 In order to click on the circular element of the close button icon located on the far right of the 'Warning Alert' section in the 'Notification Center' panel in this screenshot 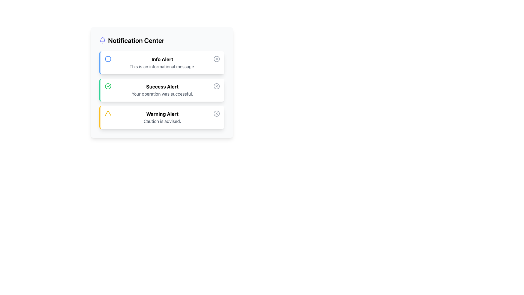, I will do `click(216, 113)`.